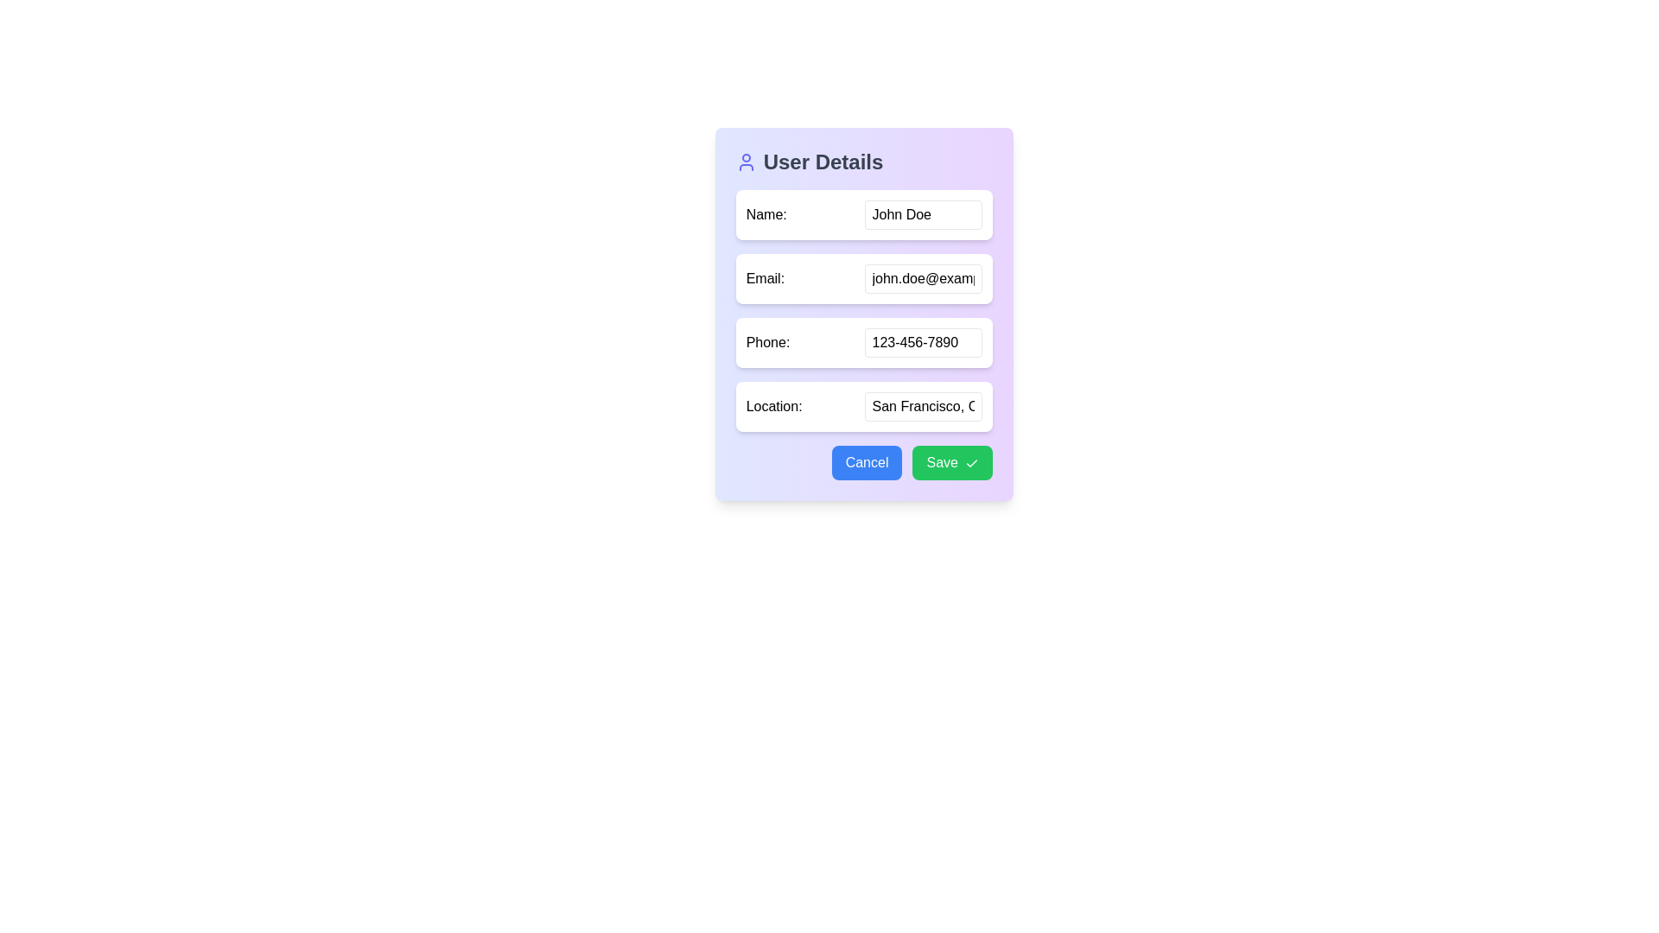 The width and height of the screenshot is (1659, 933). I want to click on the 'Cancel' button, which is a rectangular button with white text on a blue background, to observe its visual feedback, so click(867, 462).